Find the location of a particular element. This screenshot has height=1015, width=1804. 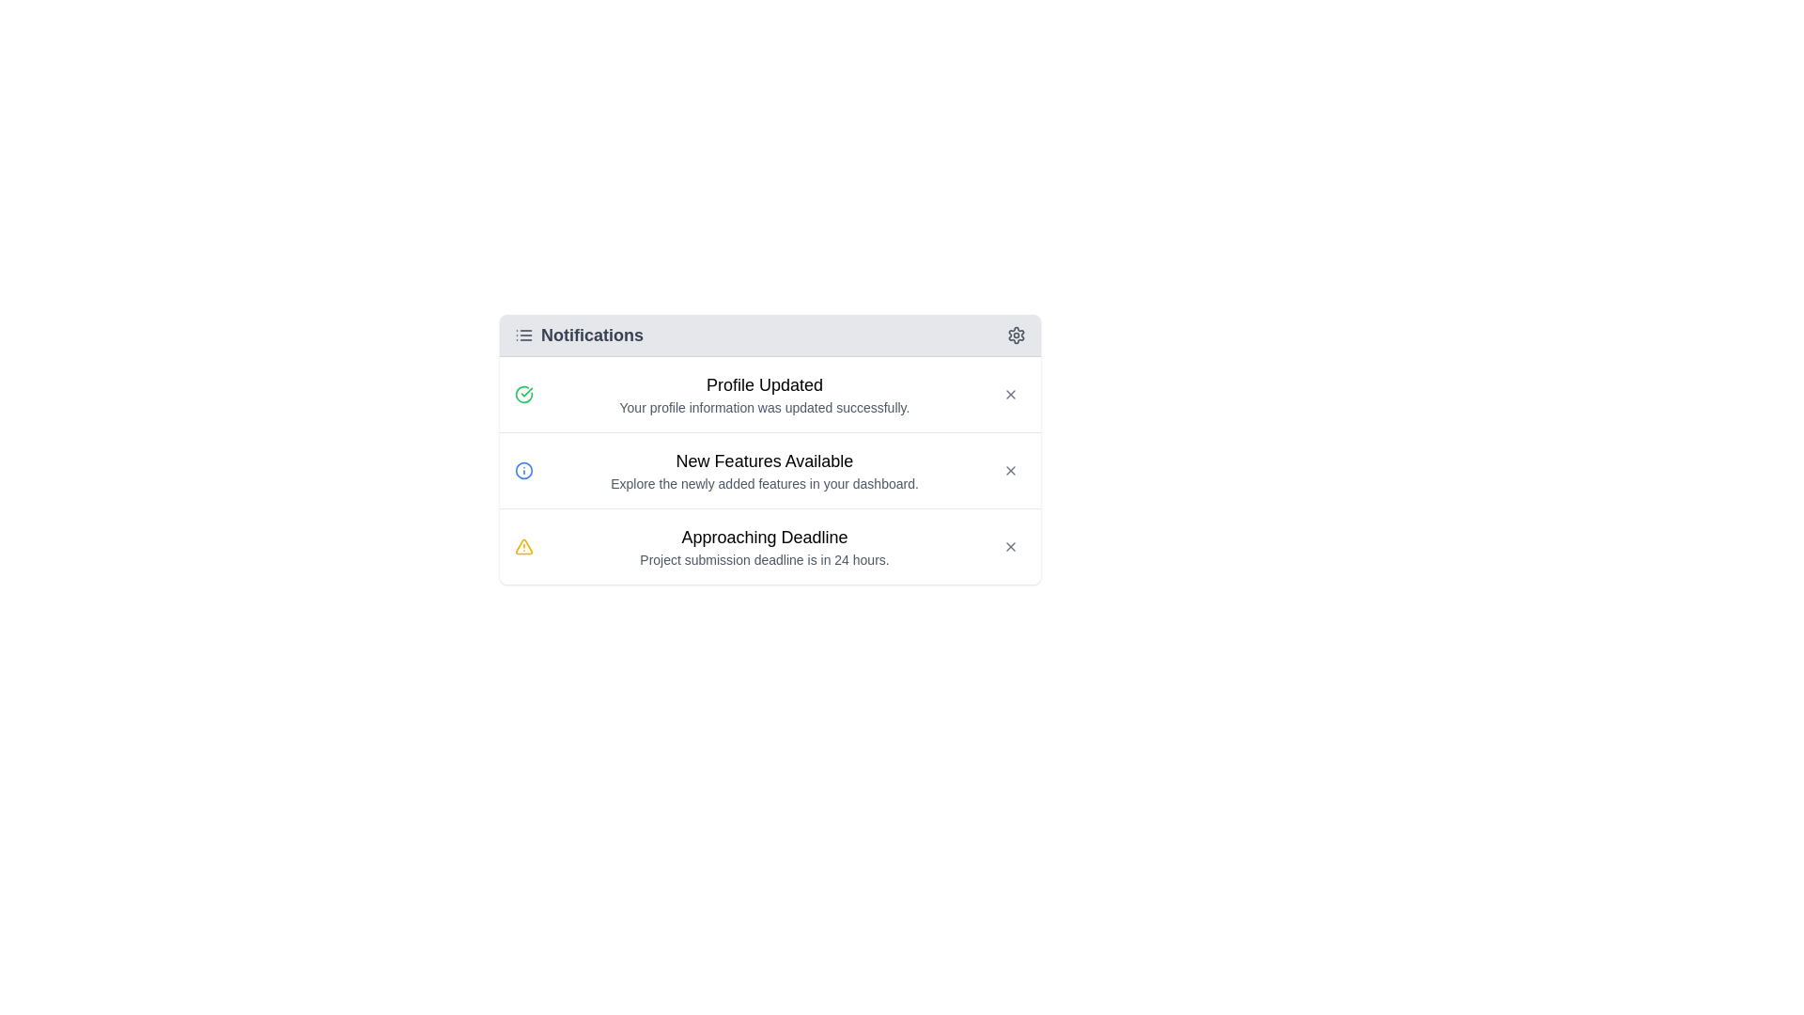

the dismiss button styled with a circular background and an icon inside, located in the upper right corner of the notification block adjacent to 'Profile Updated' for visual feedback is located at coordinates (1009, 394).